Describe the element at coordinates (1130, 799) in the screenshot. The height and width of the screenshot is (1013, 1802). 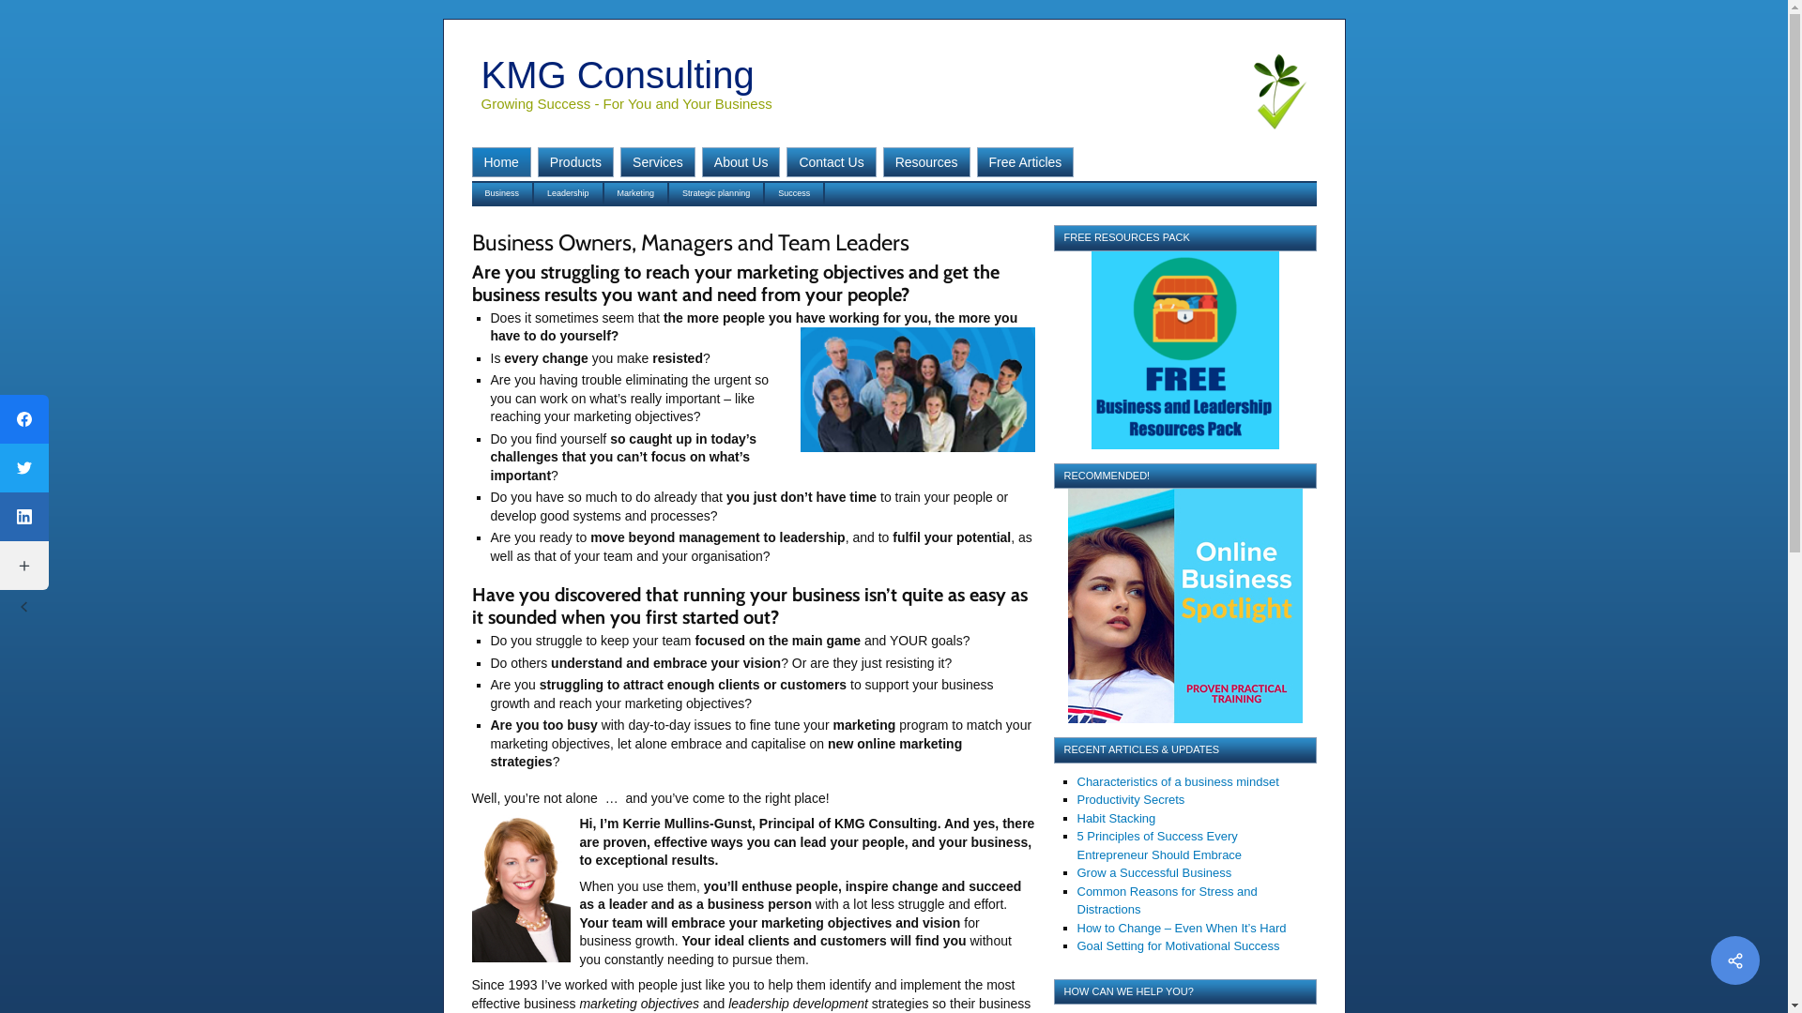
I see `'Productivity Secrets'` at that location.